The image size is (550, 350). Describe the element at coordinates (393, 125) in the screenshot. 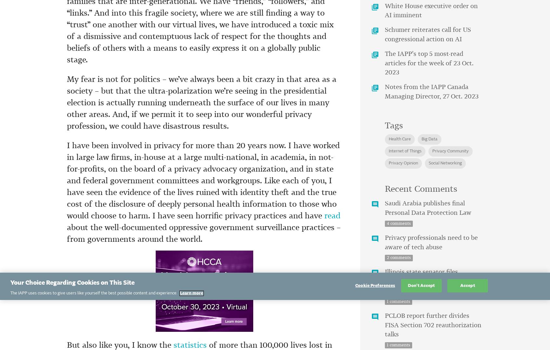

I see `'Tags'` at that location.